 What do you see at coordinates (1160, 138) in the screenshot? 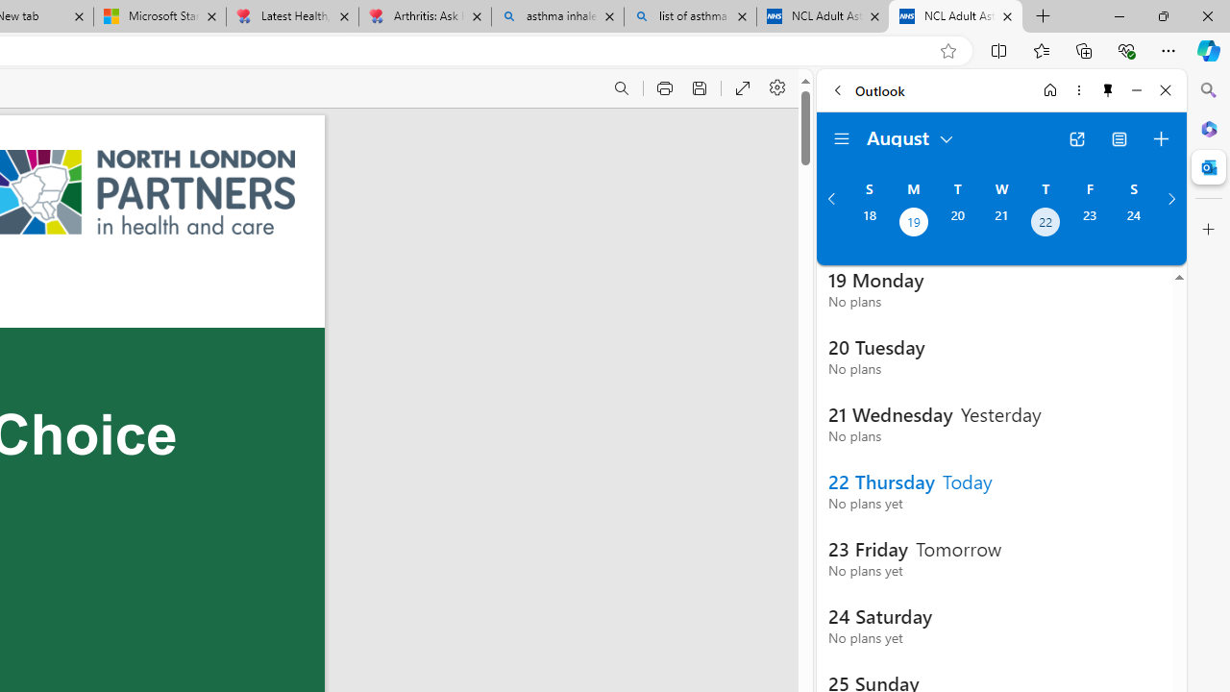
I see `'Create event'` at bounding box center [1160, 138].